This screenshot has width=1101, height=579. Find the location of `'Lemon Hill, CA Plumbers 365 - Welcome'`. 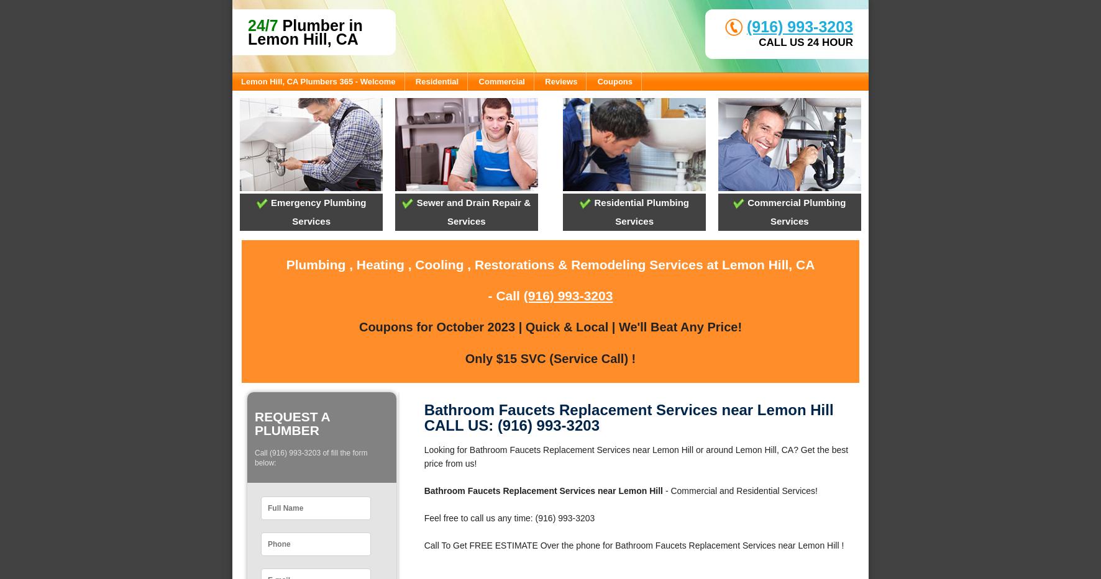

'Lemon Hill, CA Plumbers 365 - Welcome' is located at coordinates (317, 81).